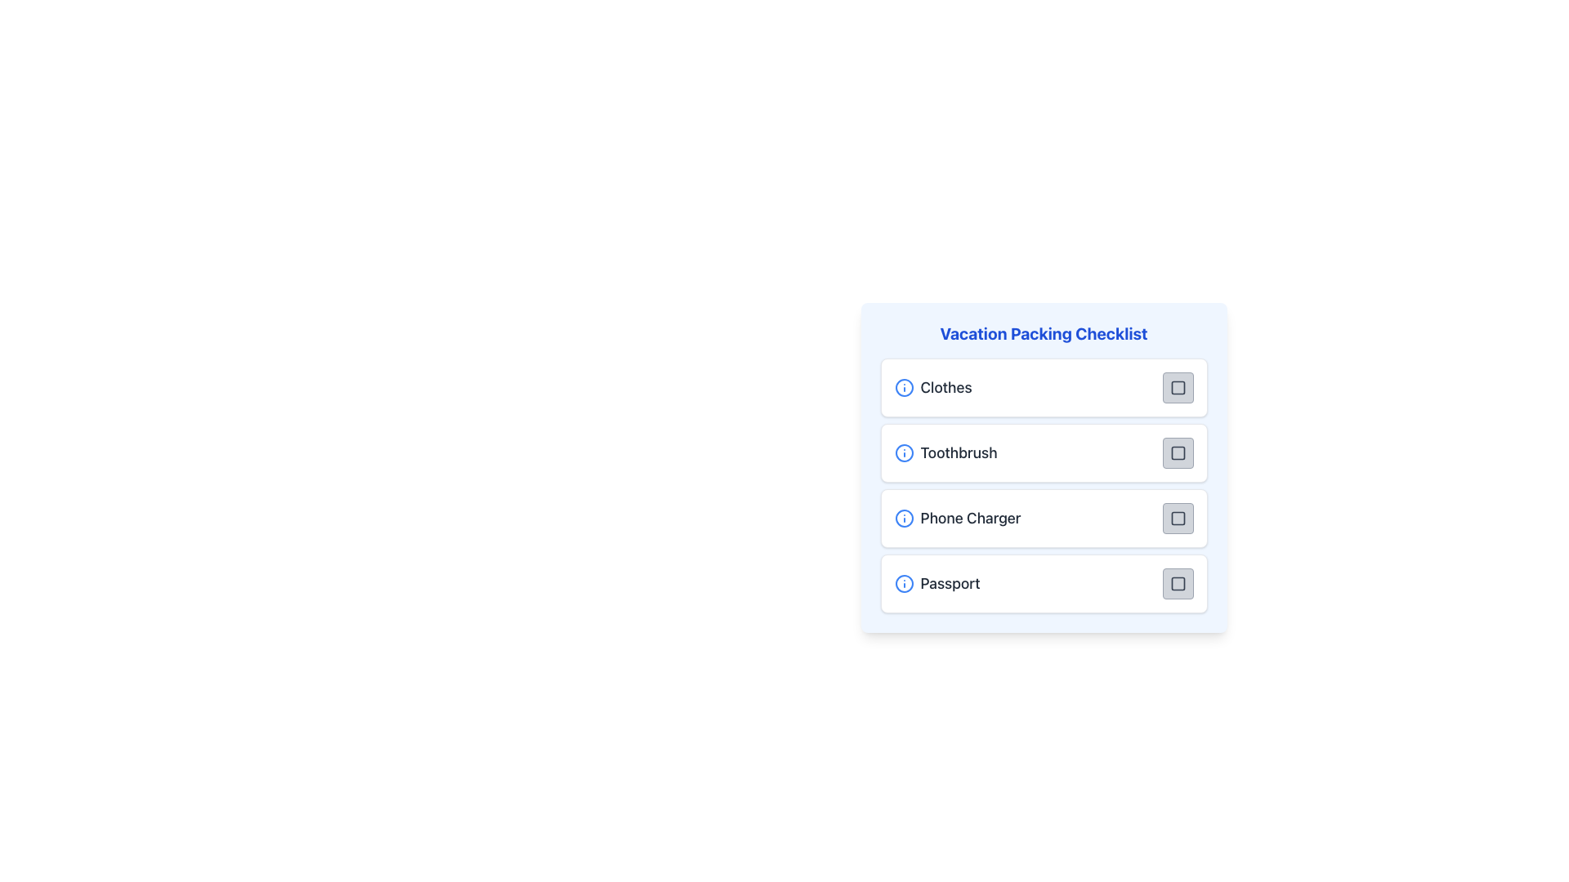 The width and height of the screenshot is (1569, 882). I want to click on the 'Phone Charger' list item in the 'Vacation Packing Checklist' to highlight it, so click(957, 519).